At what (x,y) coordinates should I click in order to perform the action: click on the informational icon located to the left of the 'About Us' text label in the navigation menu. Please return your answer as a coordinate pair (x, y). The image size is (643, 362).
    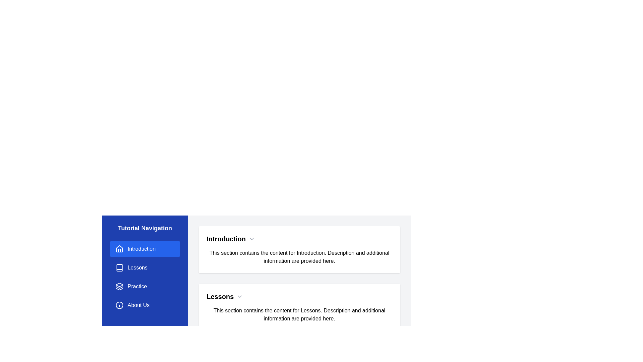
    Looking at the image, I should click on (119, 305).